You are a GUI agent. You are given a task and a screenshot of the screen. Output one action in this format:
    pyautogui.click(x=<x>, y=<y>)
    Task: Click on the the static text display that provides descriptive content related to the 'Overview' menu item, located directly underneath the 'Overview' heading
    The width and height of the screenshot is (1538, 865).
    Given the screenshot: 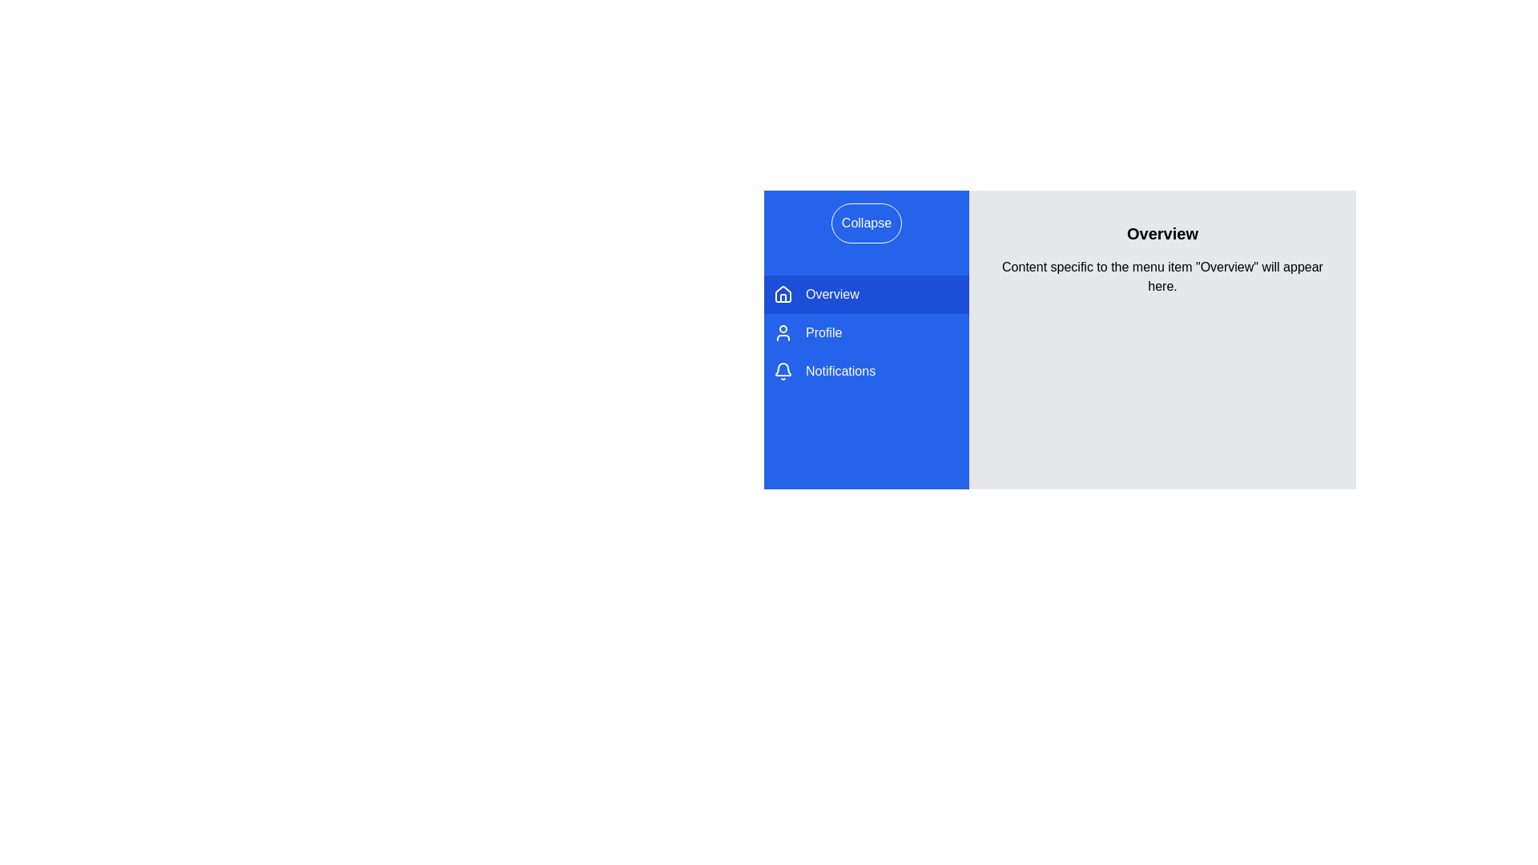 What is the action you would take?
    pyautogui.click(x=1162, y=276)
    